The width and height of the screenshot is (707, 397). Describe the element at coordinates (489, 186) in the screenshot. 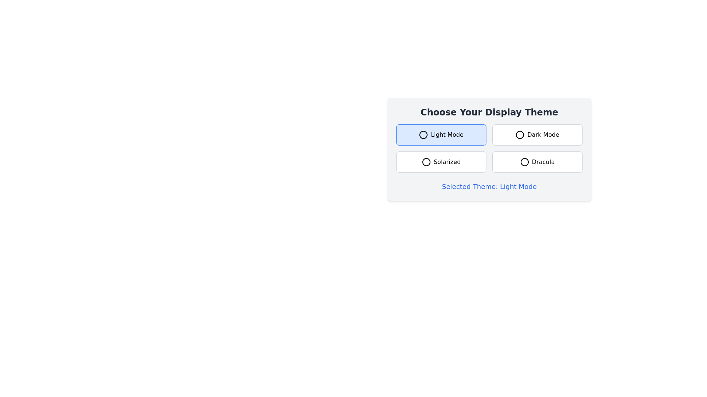

I see `the text label stating 'Selected Theme: Light Mode', which is styled in blue color and located at the bottom of the 'Choose Your Display Theme' section` at that location.